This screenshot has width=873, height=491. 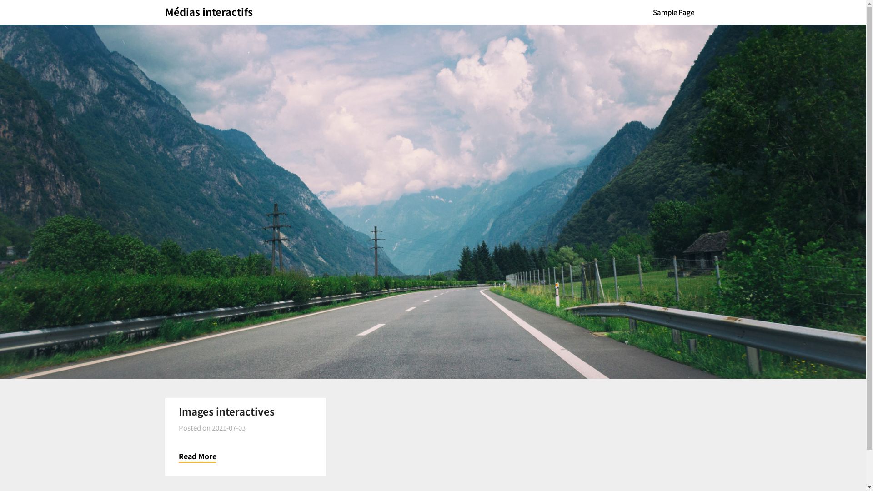 I want to click on 'Images interactives', so click(x=226, y=411).